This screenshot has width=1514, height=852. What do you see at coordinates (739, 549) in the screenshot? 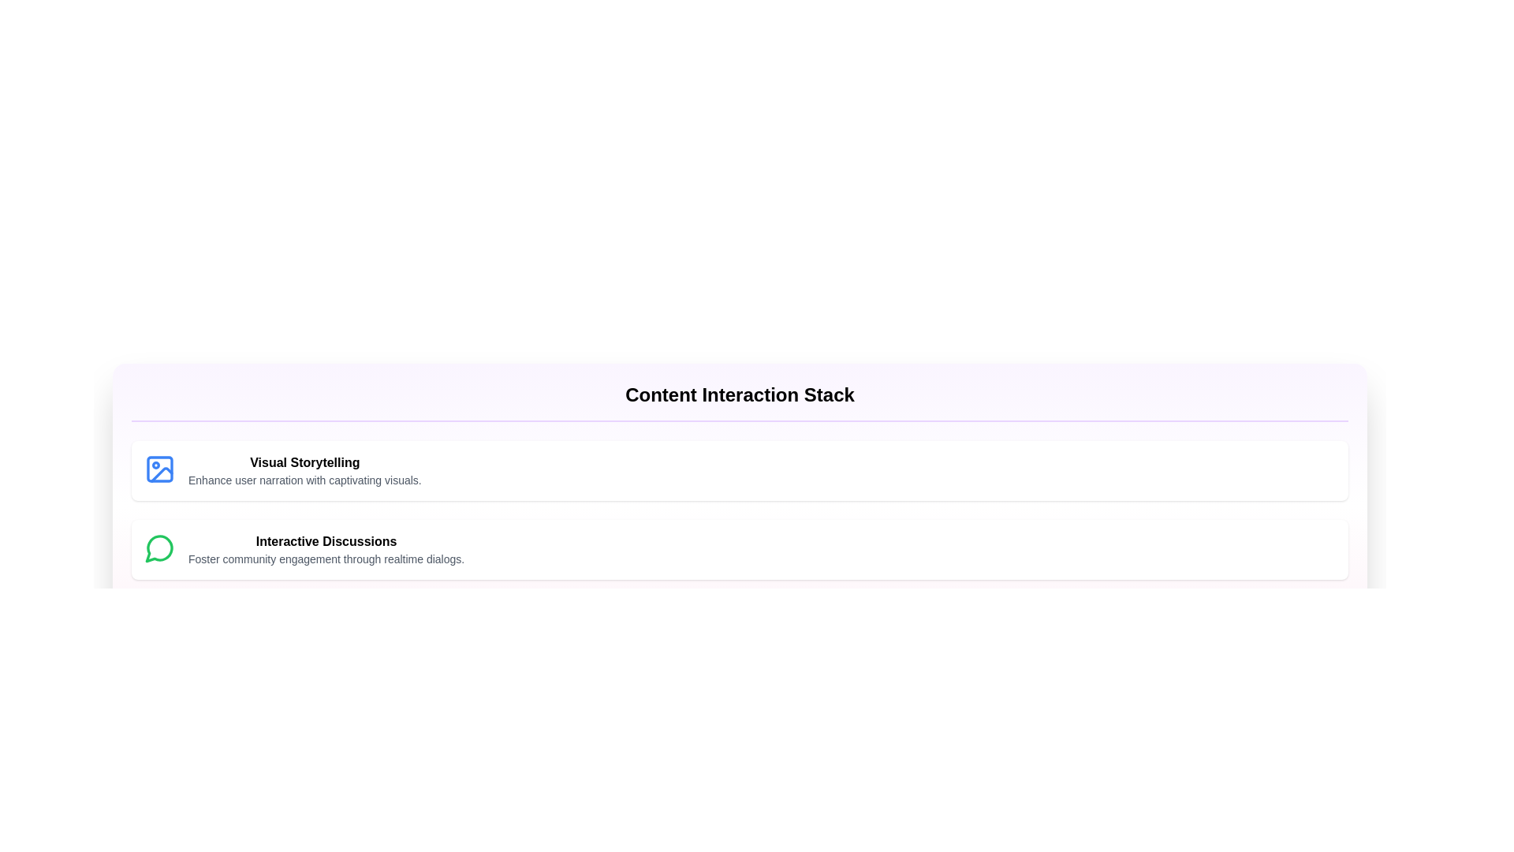
I see `the second Informational Card in the 'Content Interaction Stack'` at bounding box center [739, 549].